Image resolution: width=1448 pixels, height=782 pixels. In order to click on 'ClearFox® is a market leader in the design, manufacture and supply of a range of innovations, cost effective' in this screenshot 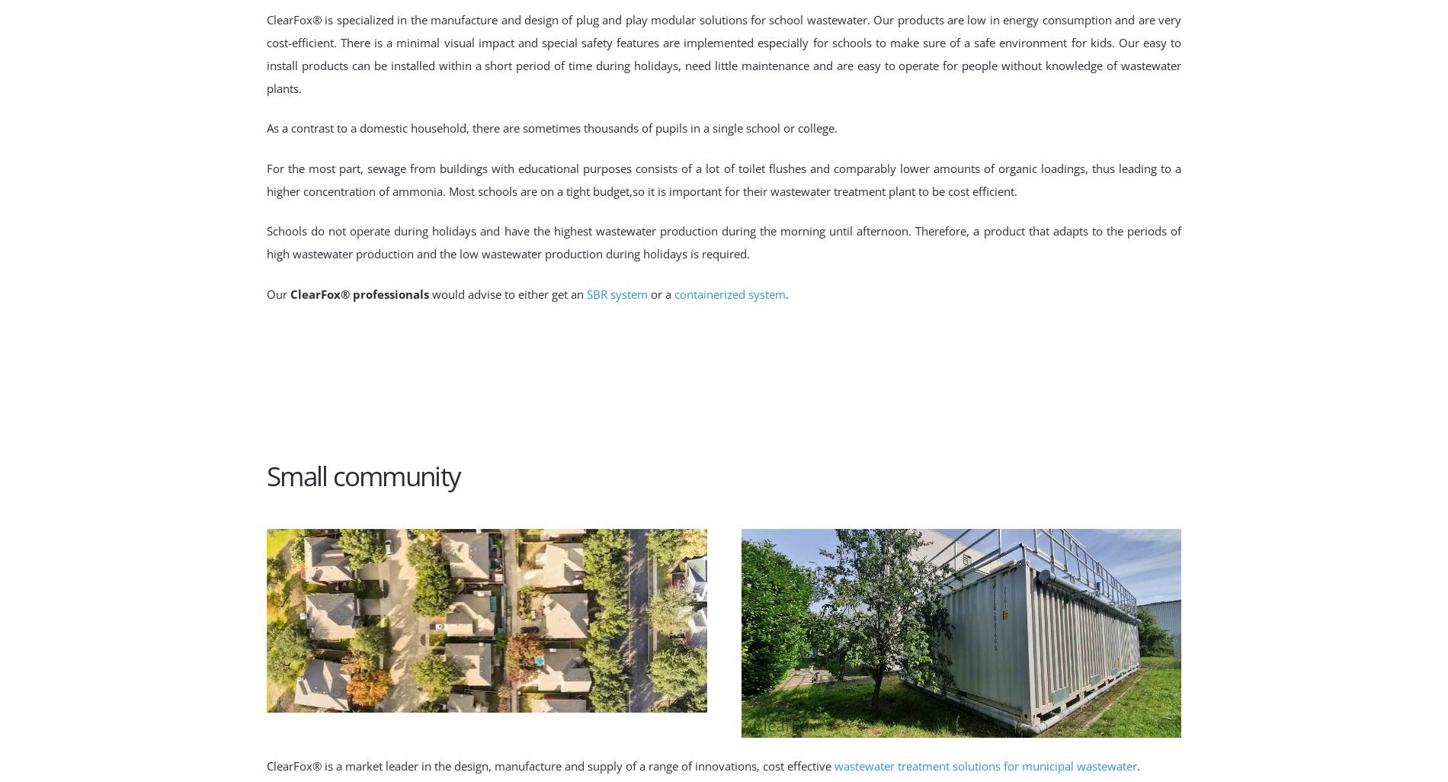, I will do `click(265, 764)`.